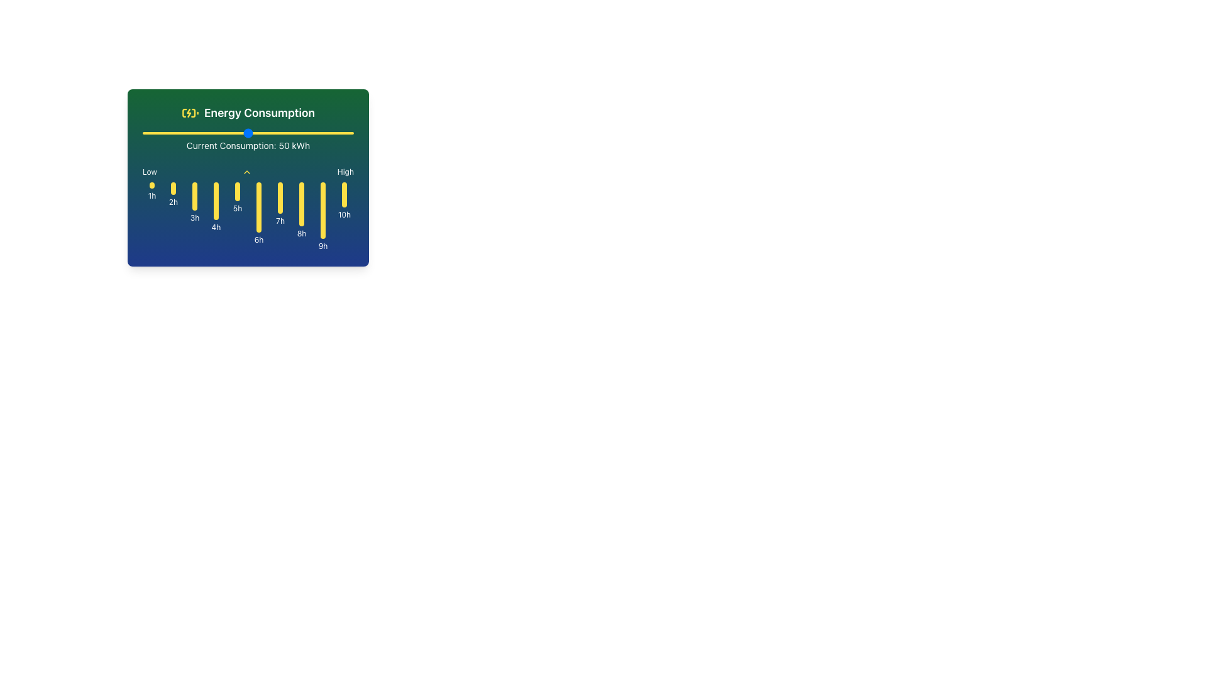  I want to click on text displayed in the text label showing '5h', which is positioned below the fifth vertical yellow bar representing hourly data points, so click(238, 207).